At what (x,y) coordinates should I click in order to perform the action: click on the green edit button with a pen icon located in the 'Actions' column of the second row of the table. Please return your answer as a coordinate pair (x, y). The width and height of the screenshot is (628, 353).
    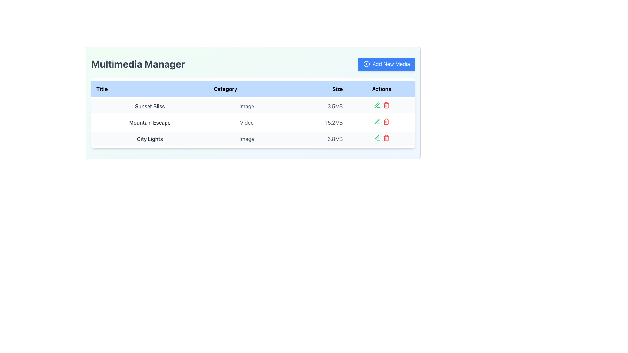
    Looking at the image, I should click on (377, 121).